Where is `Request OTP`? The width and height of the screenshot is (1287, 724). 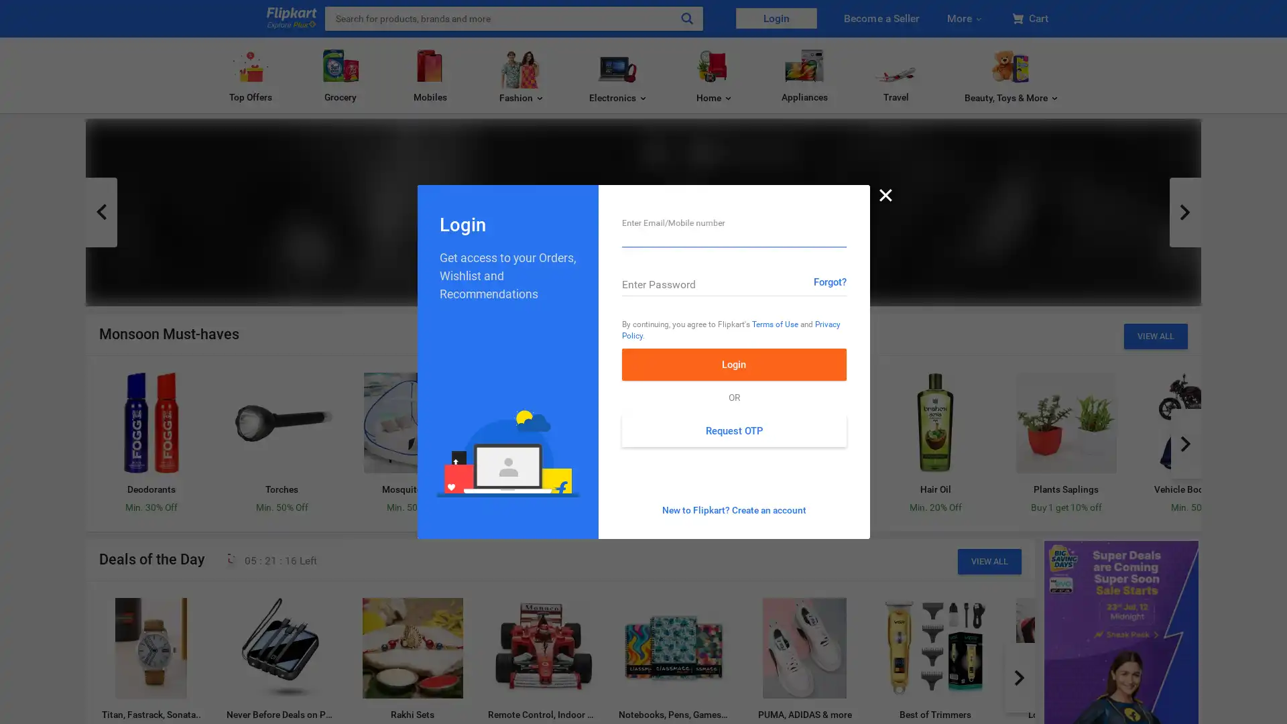
Request OTP is located at coordinates (733, 431).